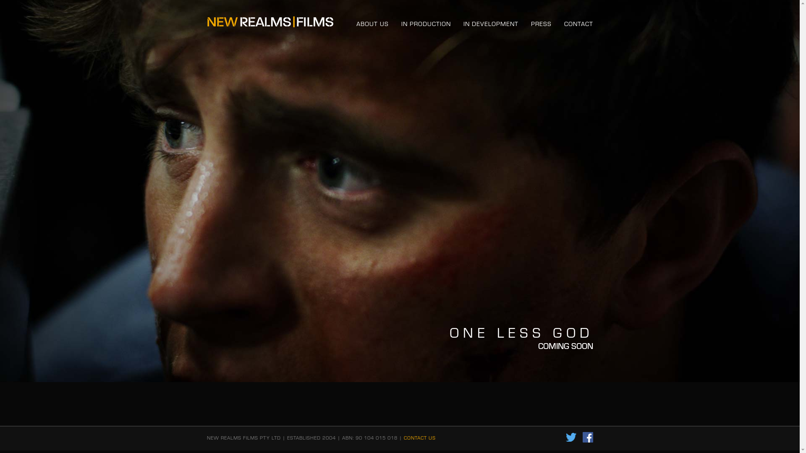 Image resolution: width=806 pixels, height=453 pixels. What do you see at coordinates (491, 23) in the screenshot?
I see `'IN DEVELOPMENT'` at bounding box center [491, 23].